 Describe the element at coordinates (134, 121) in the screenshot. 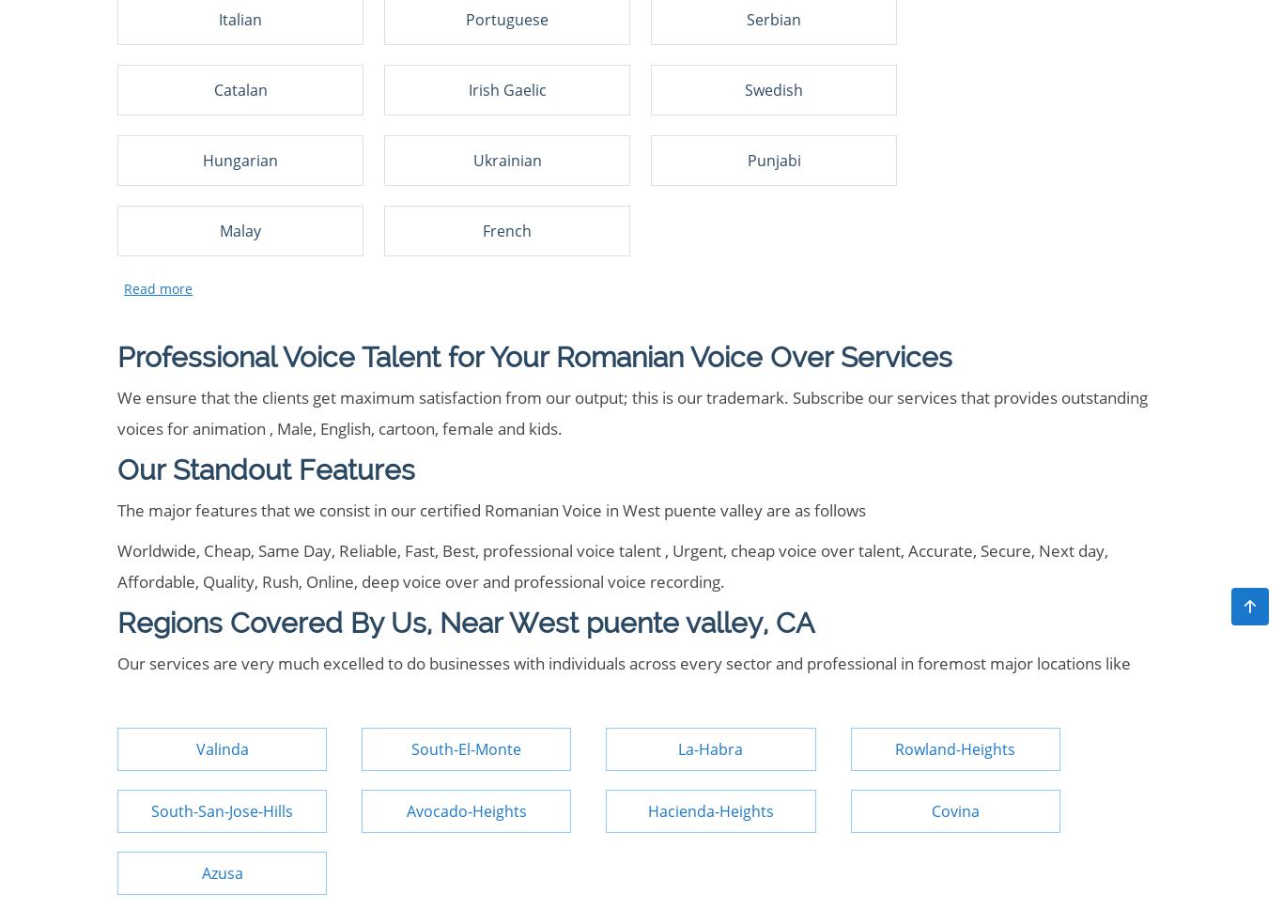

I see `'Typing'` at that location.